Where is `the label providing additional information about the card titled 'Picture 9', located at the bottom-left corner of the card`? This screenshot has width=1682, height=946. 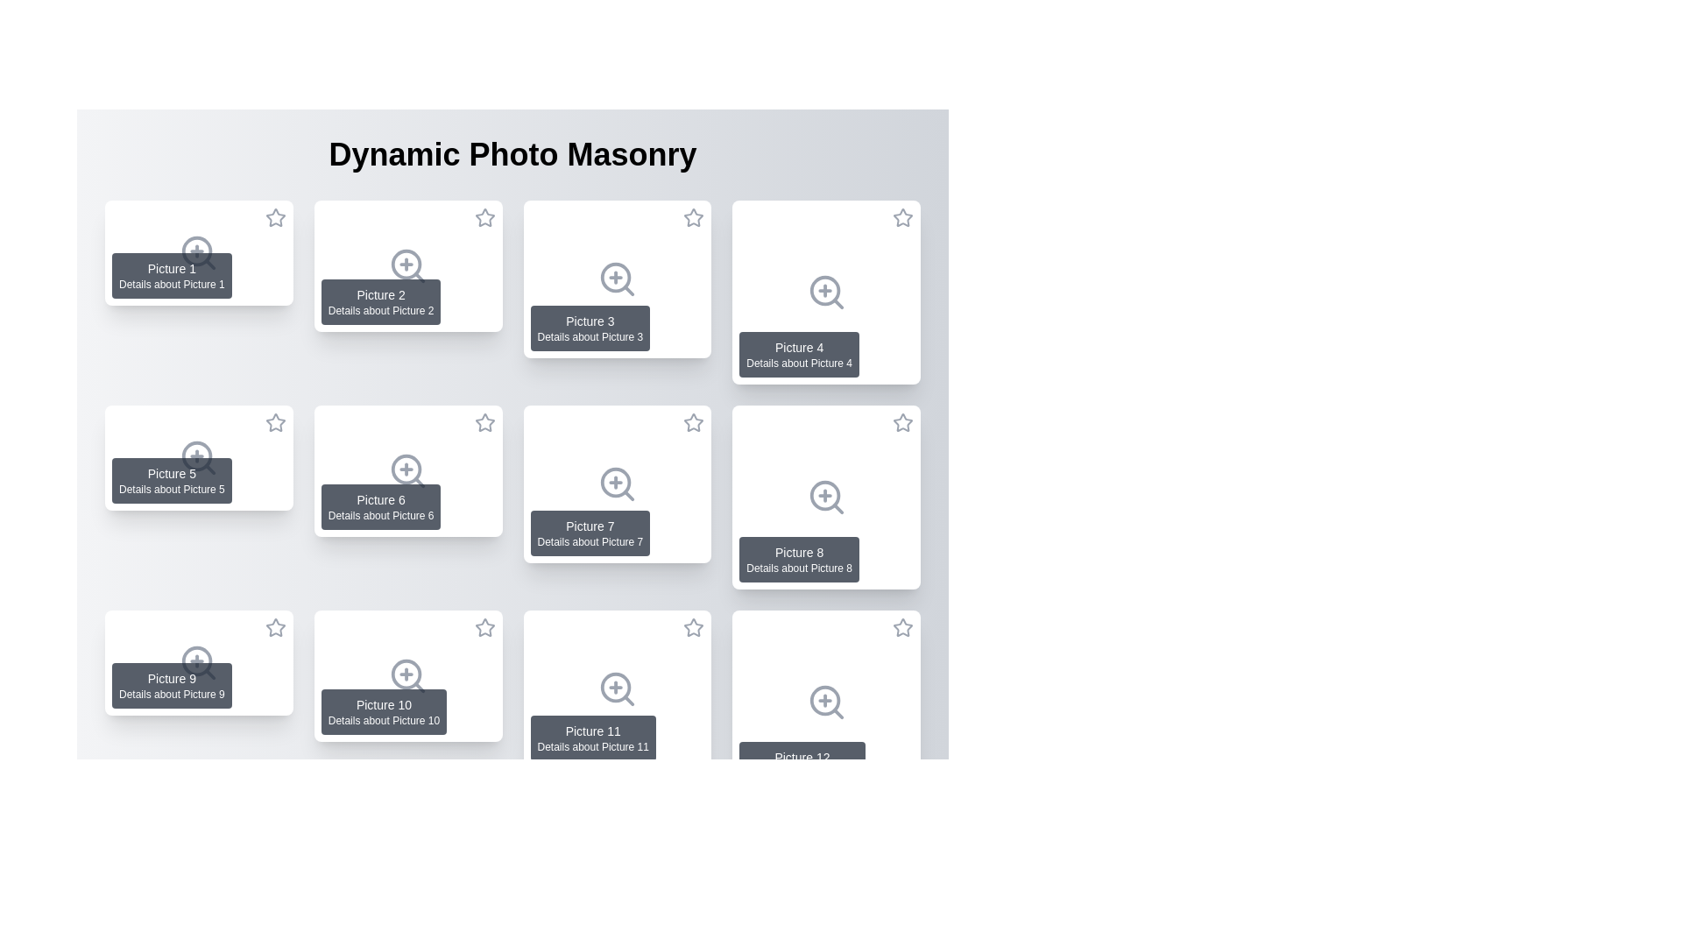
the label providing additional information about the card titled 'Picture 9', located at the bottom-left corner of the card is located at coordinates (172, 694).